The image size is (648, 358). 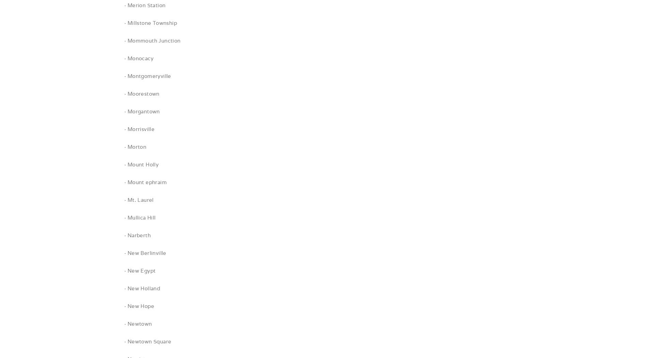 I want to click on '· Merion Station', so click(x=145, y=5).